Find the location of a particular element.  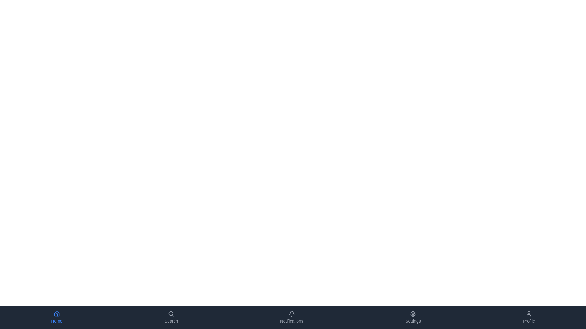

the 'Home' text label located in the bottom navigation bar, which is positioned centrally below the house icon is located at coordinates (56, 320).